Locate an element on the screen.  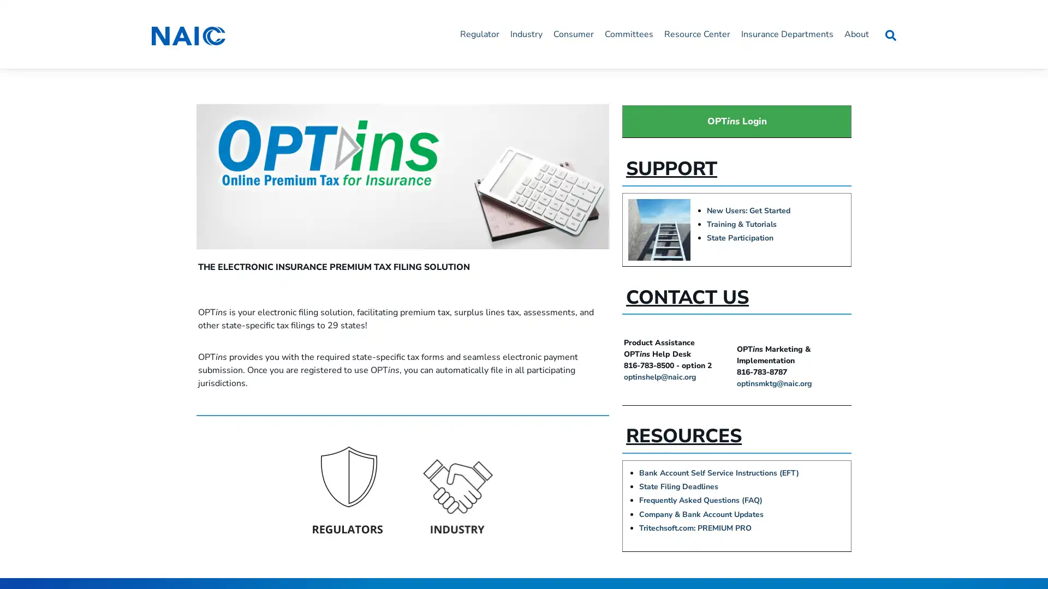
Close is located at coordinates (647, 79).